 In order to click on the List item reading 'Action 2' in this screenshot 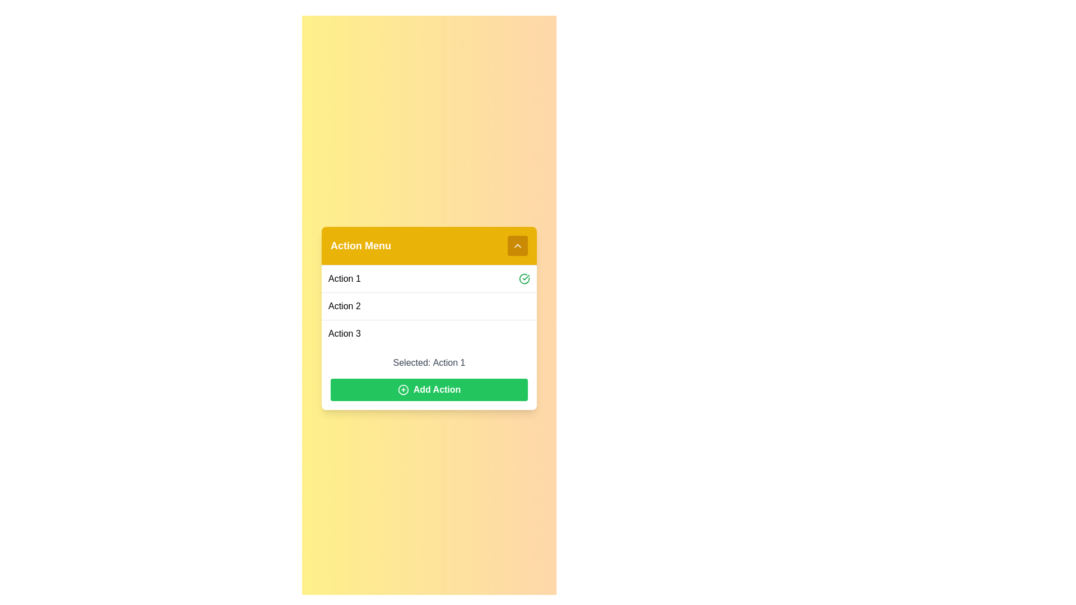, I will do `click(429, 306)`.